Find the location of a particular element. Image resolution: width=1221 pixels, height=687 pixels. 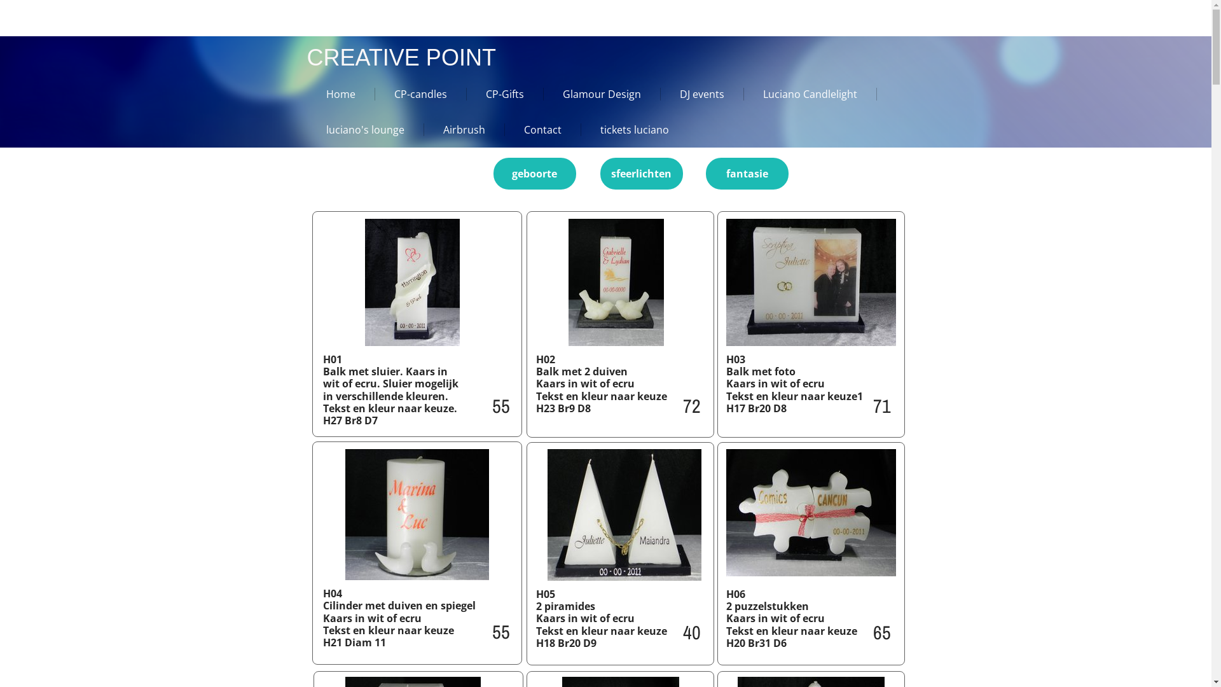

'Luciano Candlelight' is located at coordinates (801, 93).